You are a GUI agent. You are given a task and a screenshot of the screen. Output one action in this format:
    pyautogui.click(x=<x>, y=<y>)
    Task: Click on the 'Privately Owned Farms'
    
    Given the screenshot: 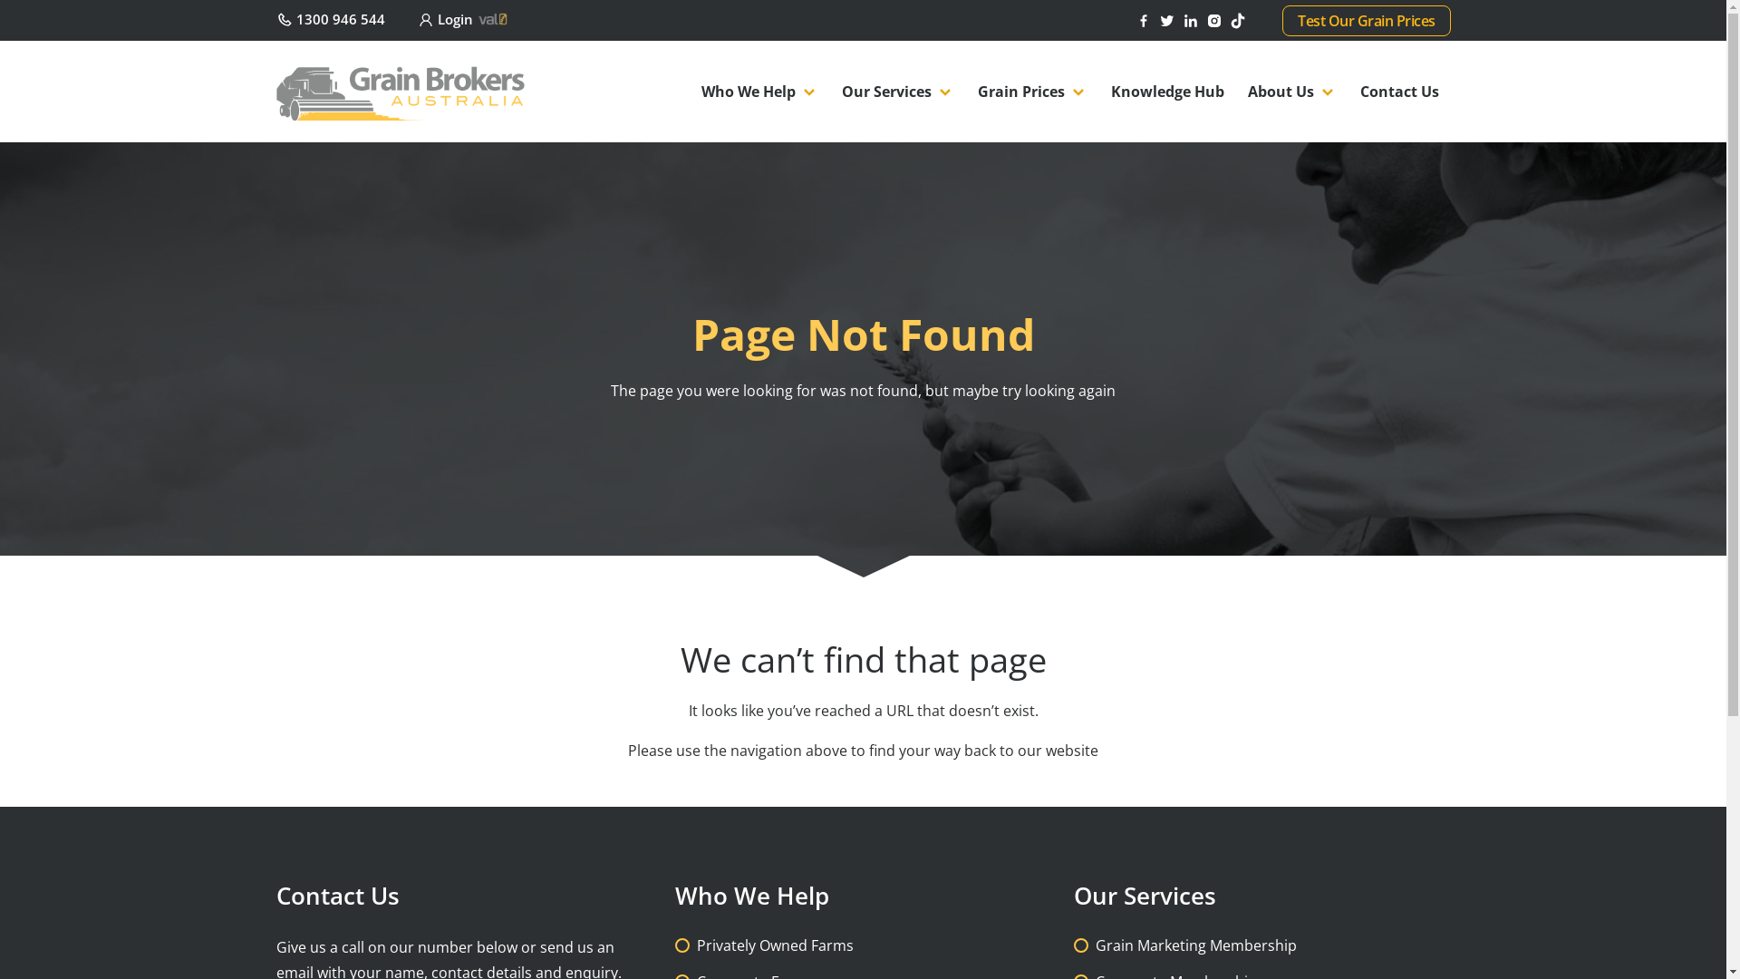 What is the action you would take?
    pyautogui.click(x=774, y=944)
    